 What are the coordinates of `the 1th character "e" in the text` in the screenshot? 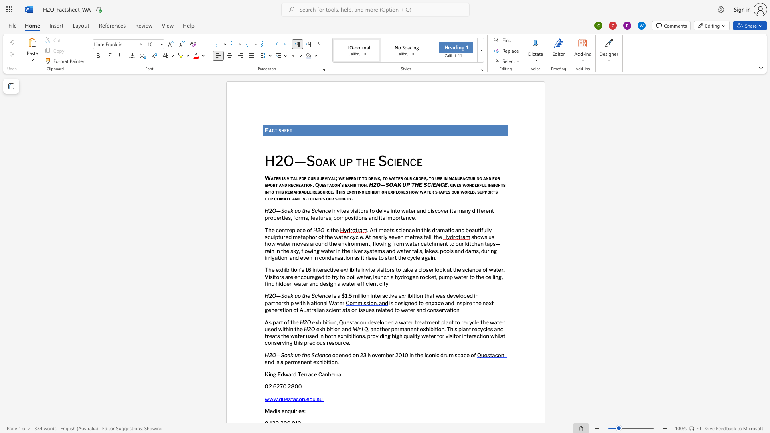 It's located at (317, 329).